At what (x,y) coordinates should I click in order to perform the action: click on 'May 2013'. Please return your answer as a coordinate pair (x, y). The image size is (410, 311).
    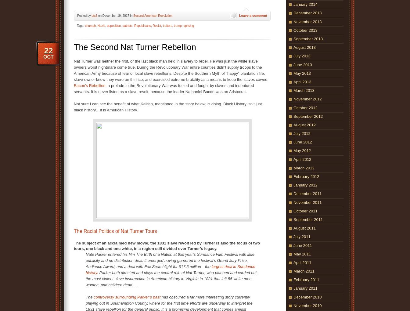
    Looking at the image, I should click on (293, 73).